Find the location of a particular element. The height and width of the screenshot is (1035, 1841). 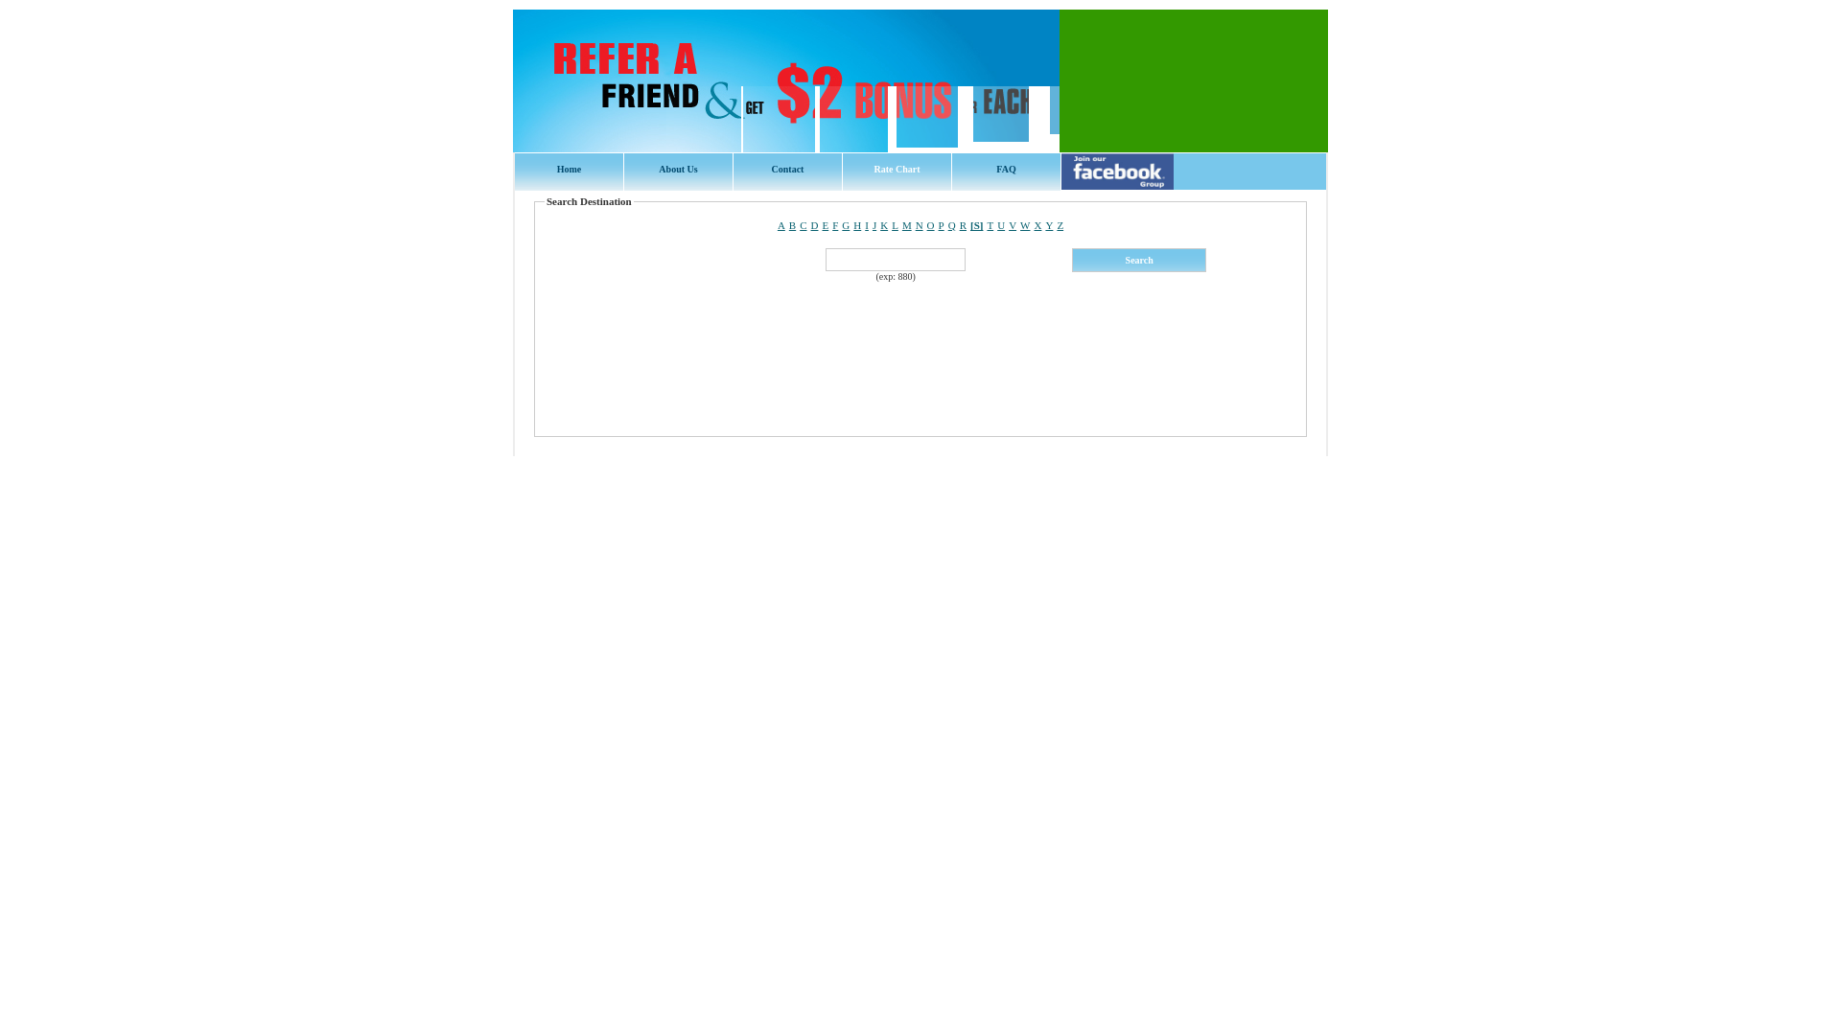

'Contact' is located at coordinates (787, 170).